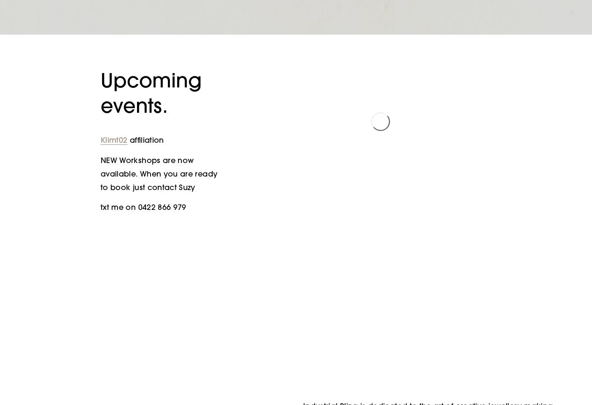  What do you see at coordinates (380, 103) in the screenshot?
I see `'We'` at bounding box center [380, 103].